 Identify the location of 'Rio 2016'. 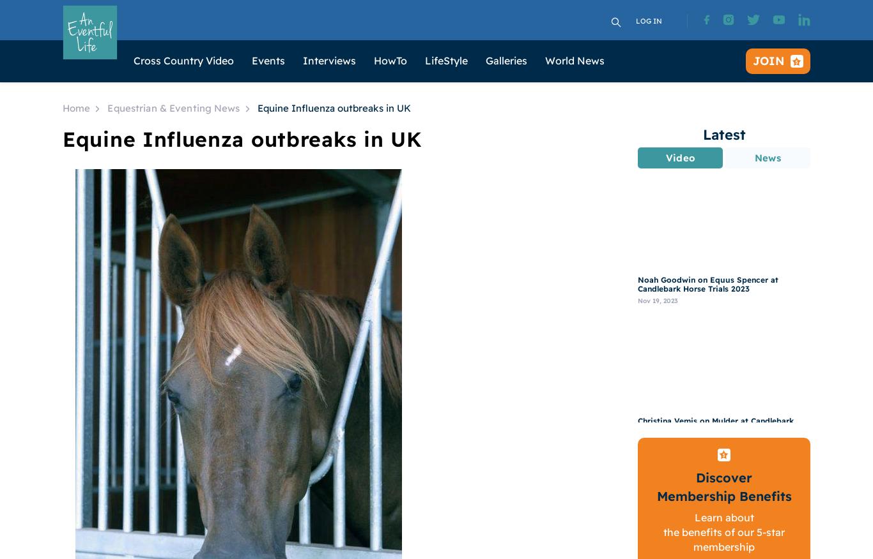
(394, 375).